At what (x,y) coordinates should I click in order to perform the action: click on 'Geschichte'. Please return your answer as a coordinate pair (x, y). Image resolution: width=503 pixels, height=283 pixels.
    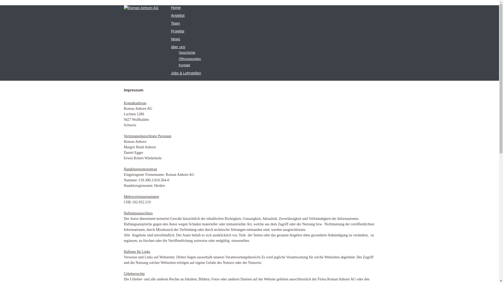
    Looking at the image, I should click on (187, 52).